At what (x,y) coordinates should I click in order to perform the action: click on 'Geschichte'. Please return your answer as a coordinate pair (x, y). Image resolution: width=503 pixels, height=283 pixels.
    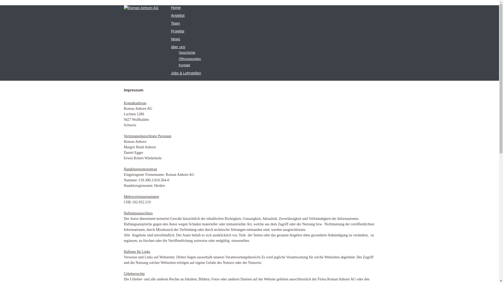
    Looking at the image, I should click on (187, 52).